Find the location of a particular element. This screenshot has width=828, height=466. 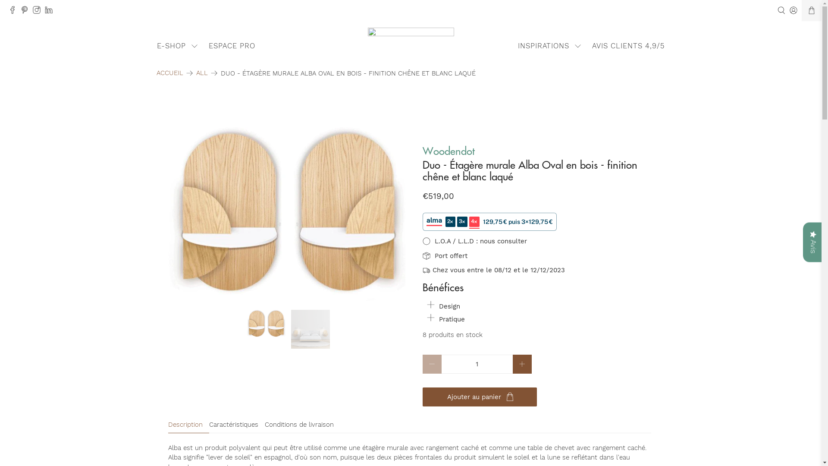

'Description' is located at coordinates (188, 425).